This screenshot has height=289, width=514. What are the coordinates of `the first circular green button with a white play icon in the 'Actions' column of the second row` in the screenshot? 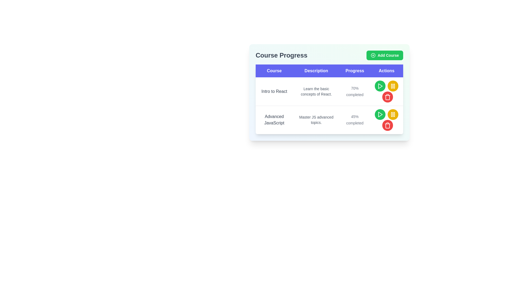 It's located at (380, 114).